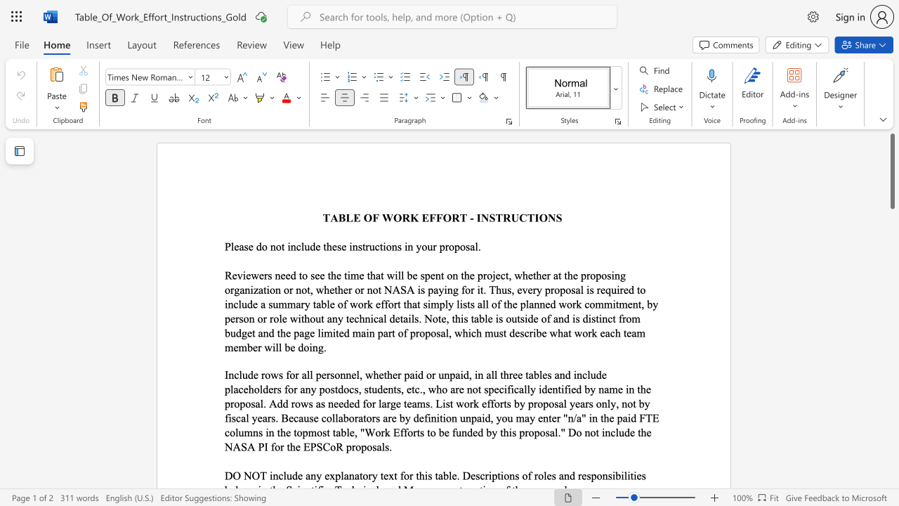 Image resolution: width=899 pixels, height=506 pixels. I want to click on the scrollbar to adjust the page downward, so click(891, 323).